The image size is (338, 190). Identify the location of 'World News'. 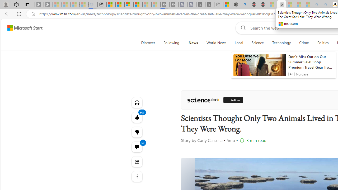
(216, 43).